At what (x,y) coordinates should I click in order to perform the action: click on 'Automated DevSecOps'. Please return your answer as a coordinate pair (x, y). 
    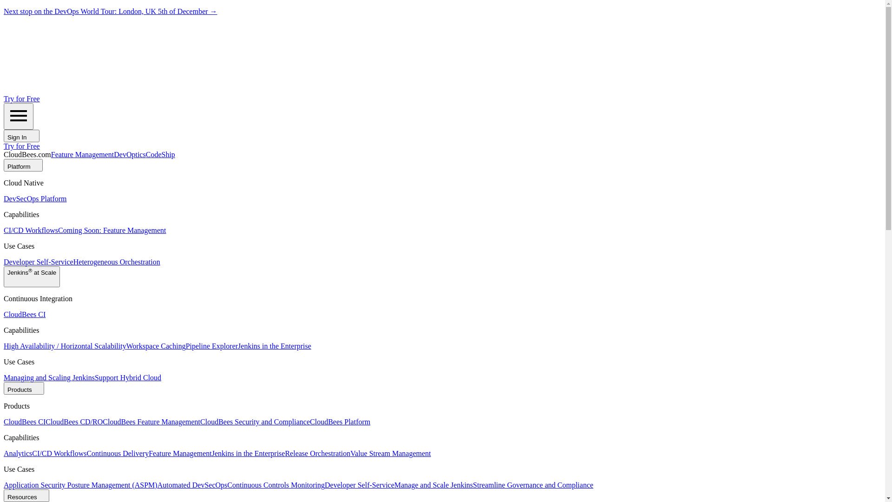
    Looking at the image, I should click on (157, 484).